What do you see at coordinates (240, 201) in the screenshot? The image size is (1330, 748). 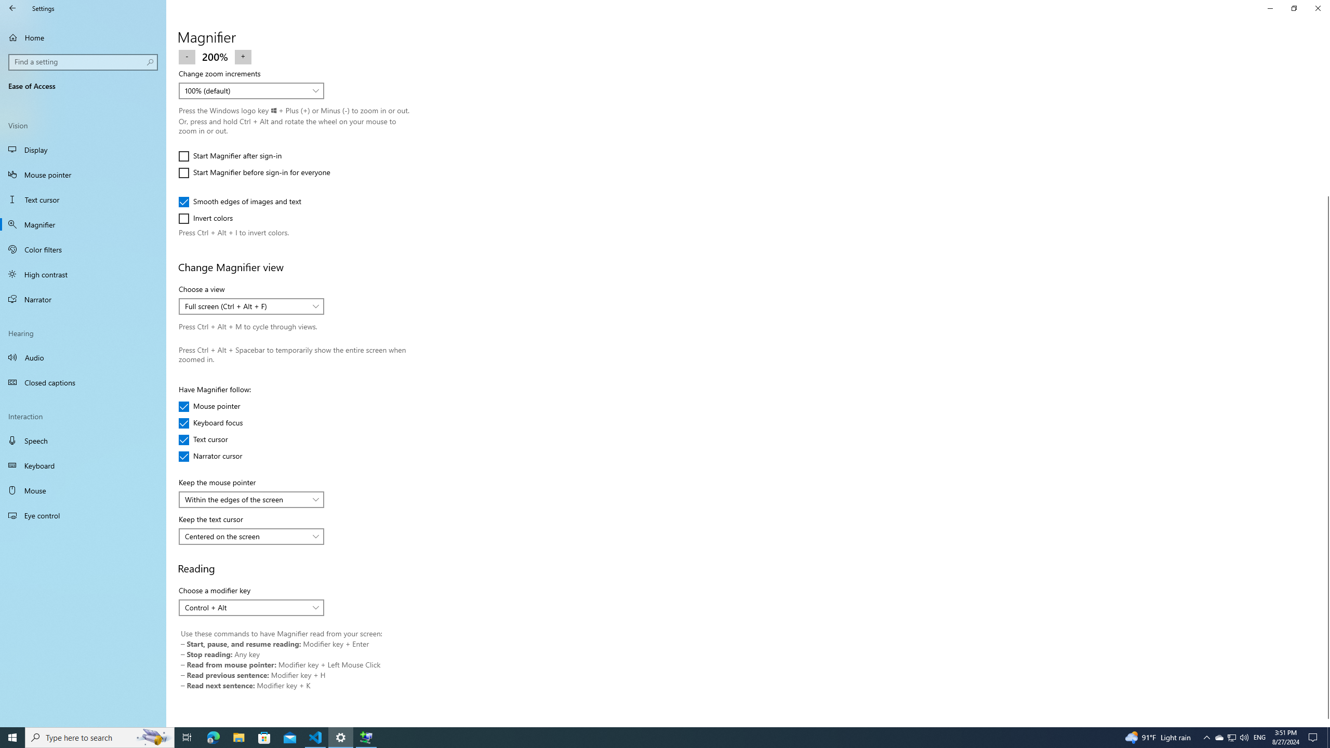 I see `'Smooth edges of images and text'` at bounding box center [240, 201].